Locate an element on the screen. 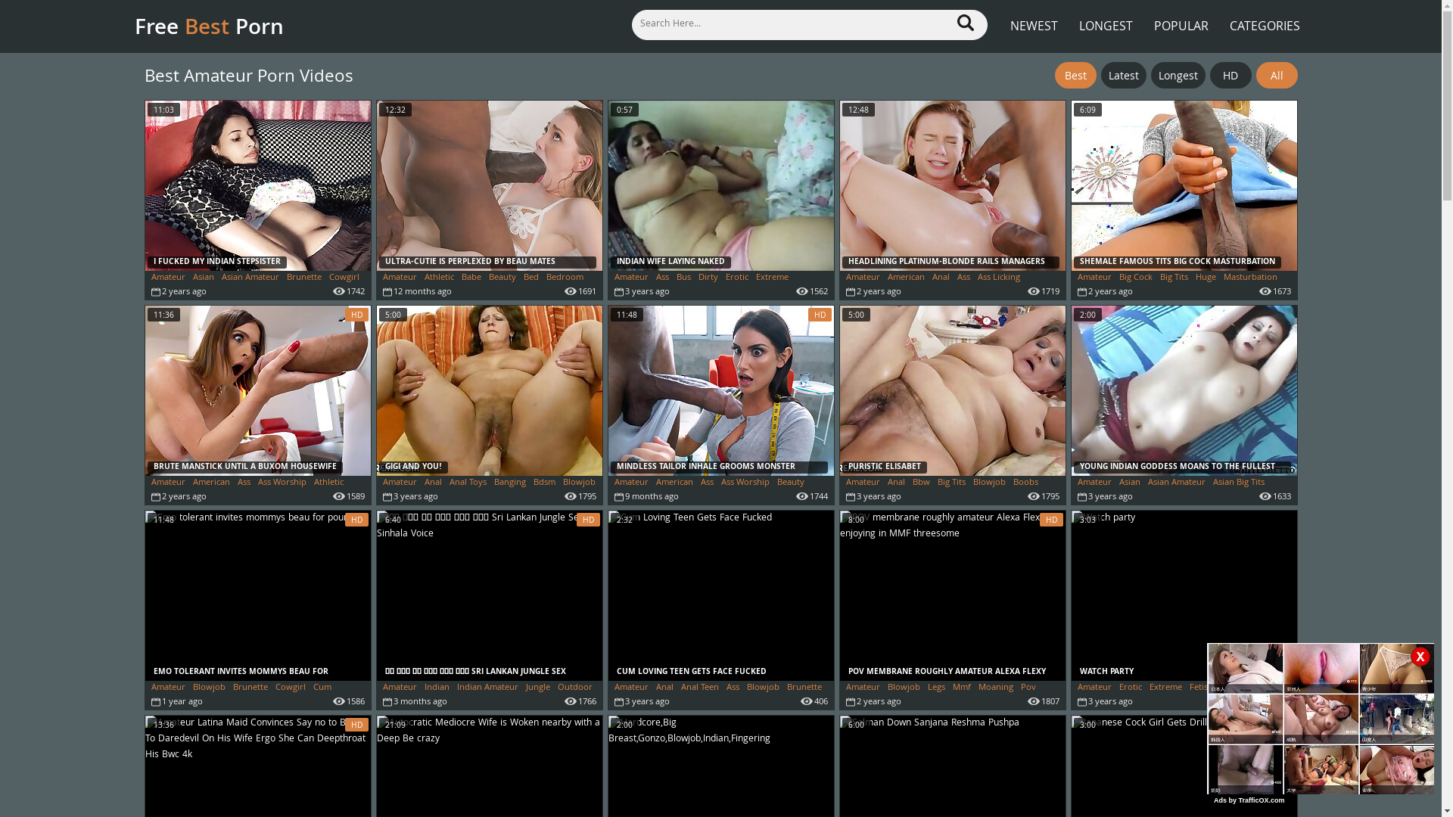 The width and height of the screenshot is (1453, 817). 'Jungle' is located at coordinates (537, 688).